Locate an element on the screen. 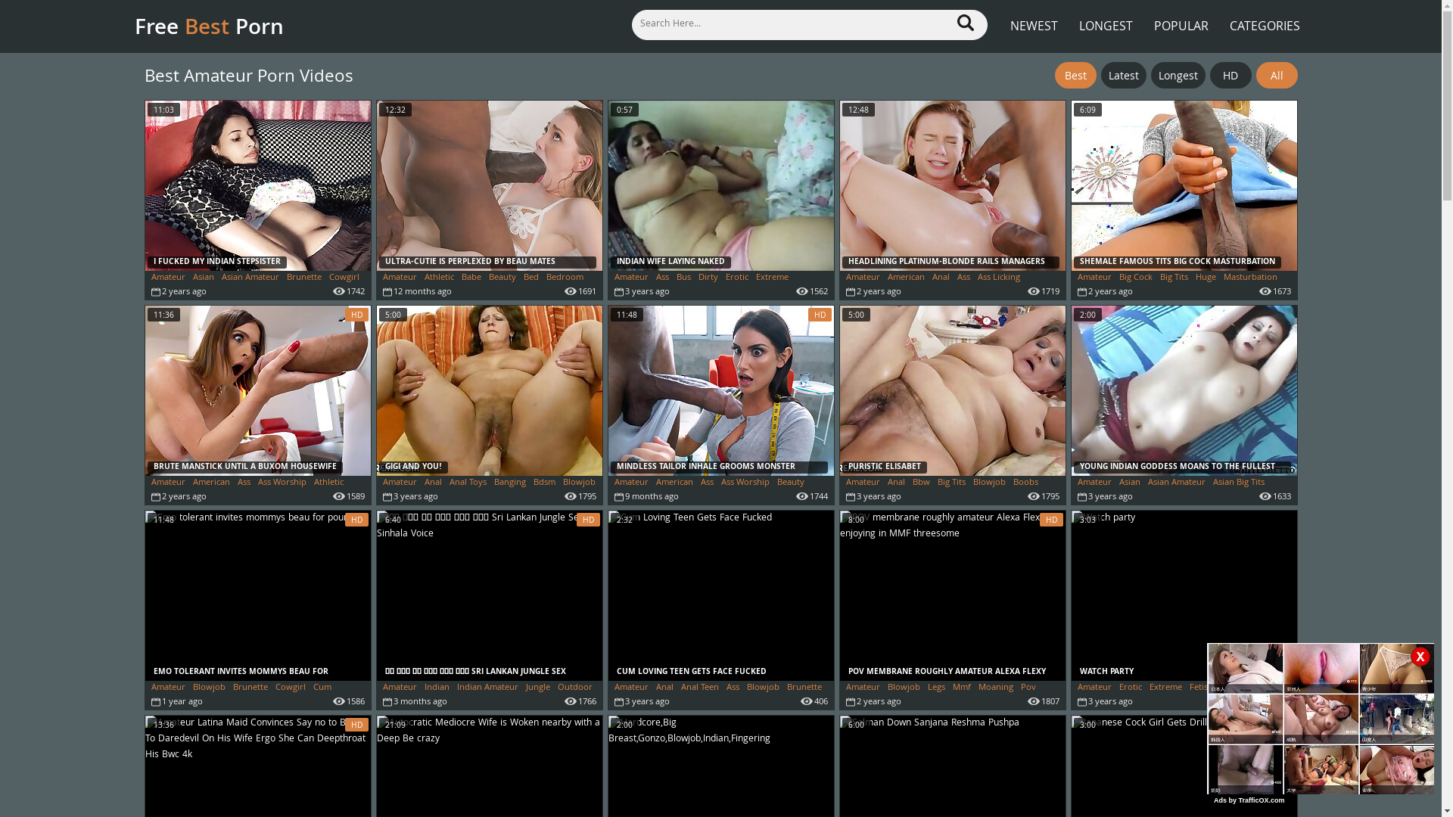 The width and height of the screenshot is (1453, 817). 'Jungle' is located at coordinates (537, 688).